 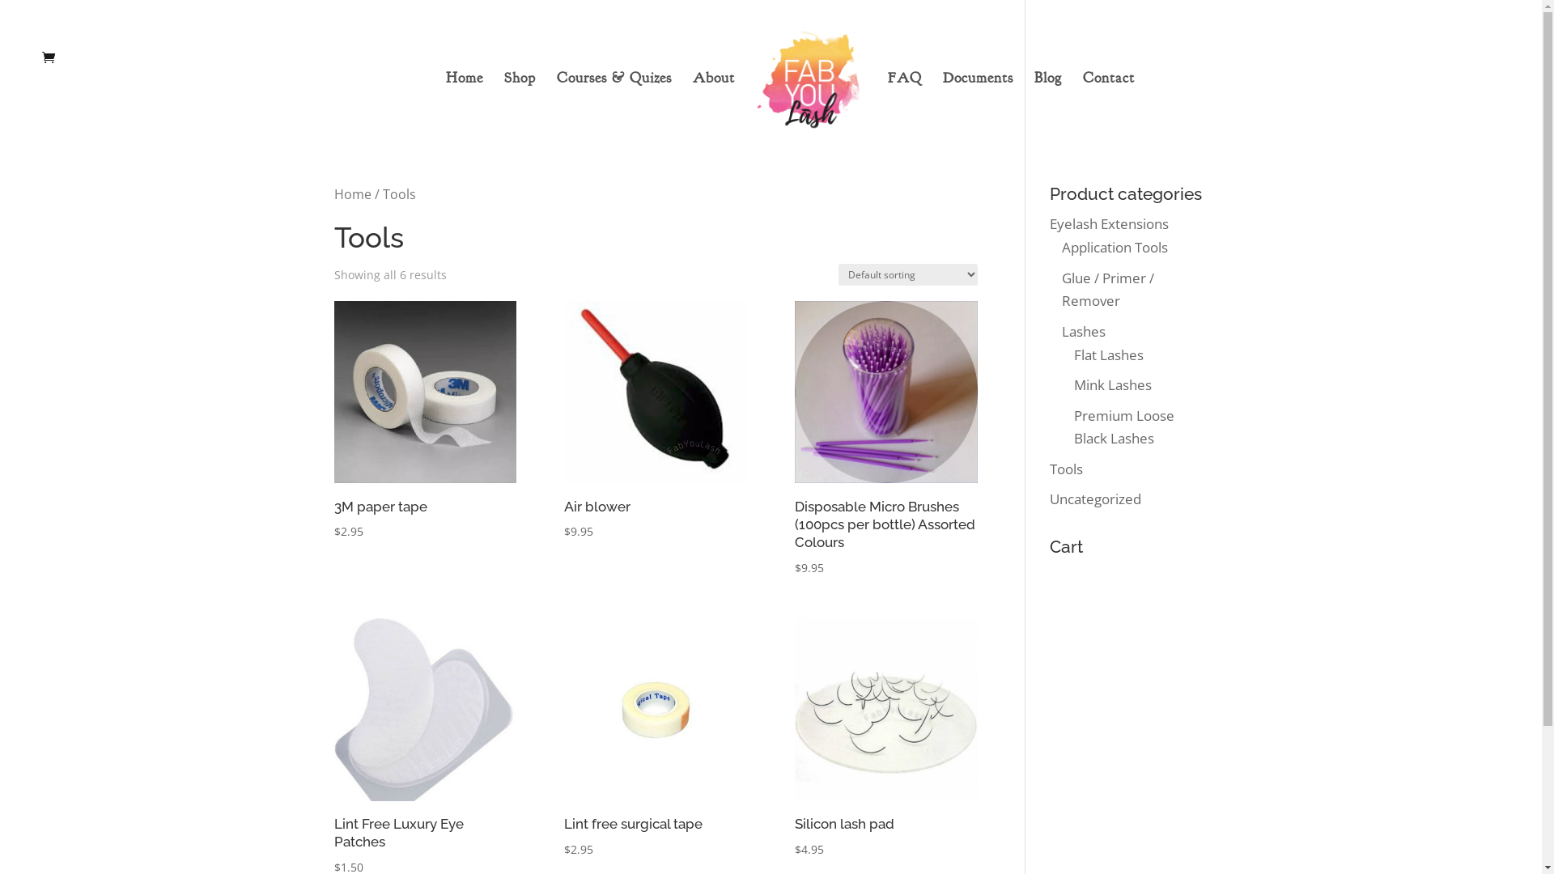 I want to click on 'Air blower, so click(x=655, y=420).